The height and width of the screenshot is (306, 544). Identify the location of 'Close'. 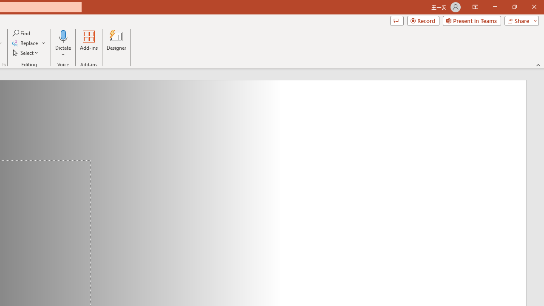
(533, 7).